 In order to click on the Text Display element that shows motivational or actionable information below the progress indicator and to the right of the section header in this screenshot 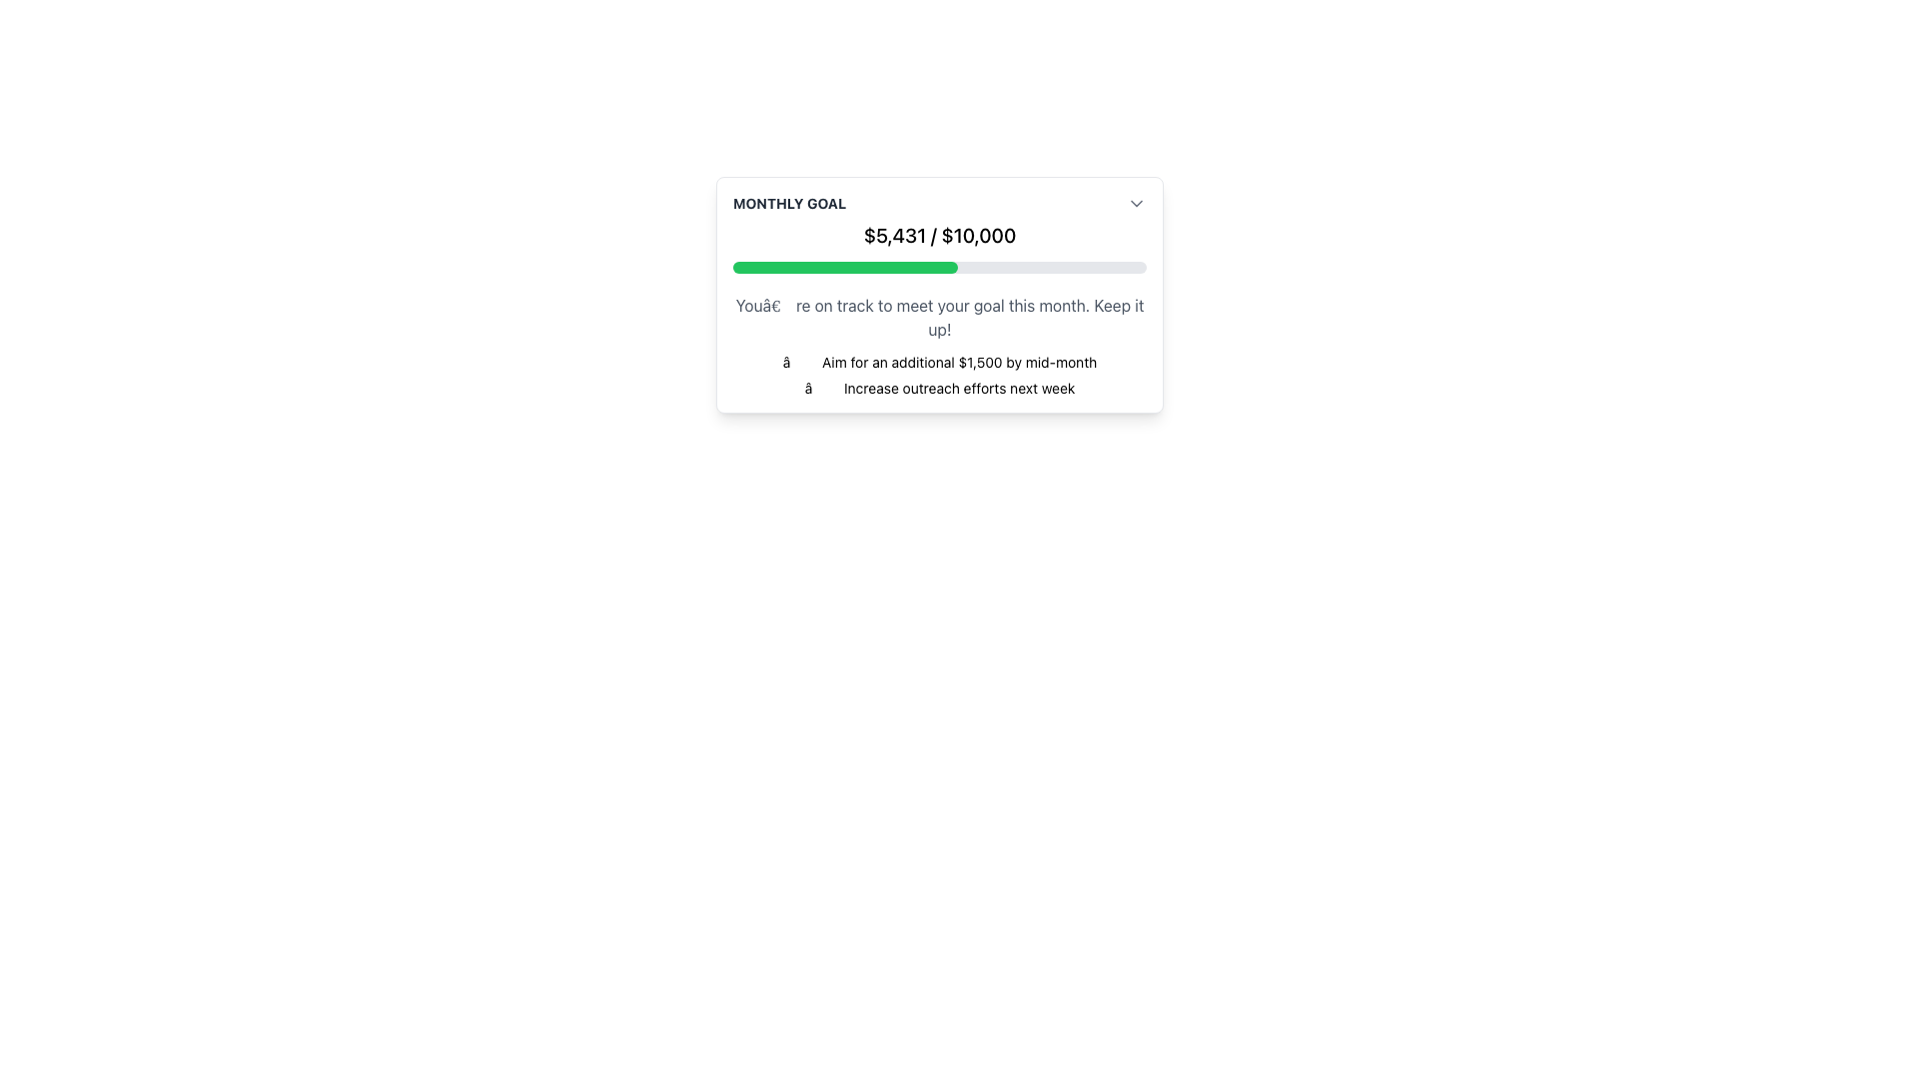, I will do `click(938, 375)`.